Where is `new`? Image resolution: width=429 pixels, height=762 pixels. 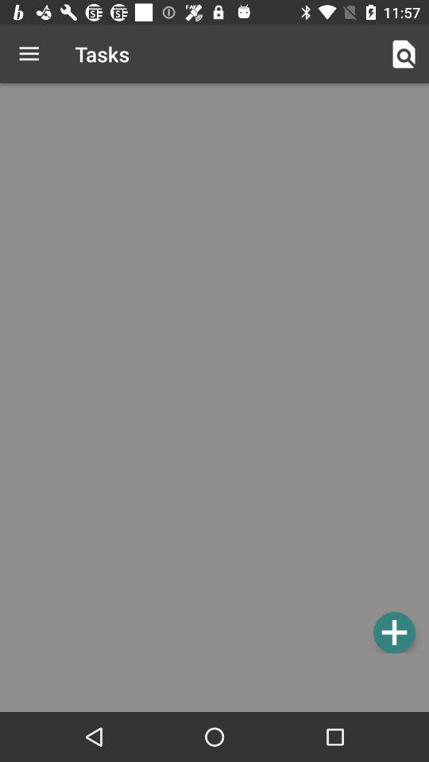 new is located at coordinates (393, 632).